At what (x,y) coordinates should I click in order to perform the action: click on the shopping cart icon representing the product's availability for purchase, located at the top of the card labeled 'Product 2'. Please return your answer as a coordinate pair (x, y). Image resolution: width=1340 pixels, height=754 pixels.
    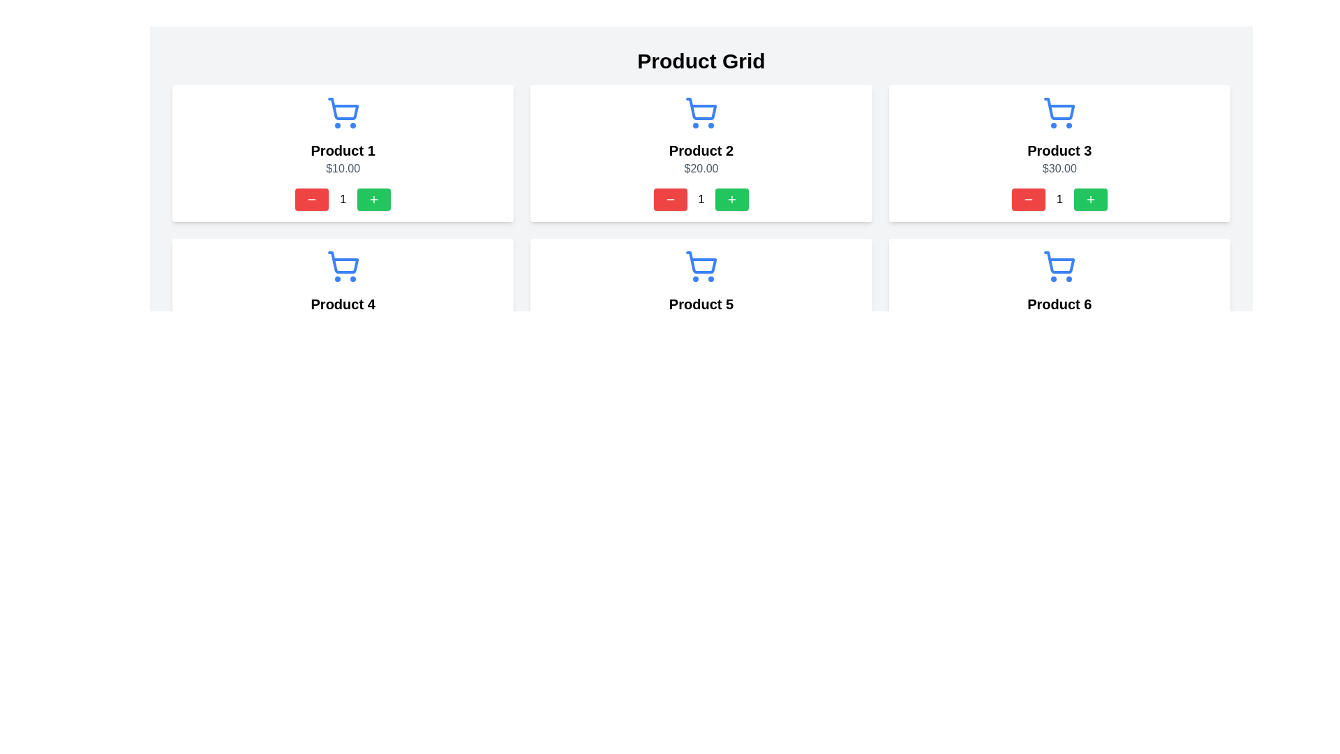
    Looking at the image, I should click on (701, 112).